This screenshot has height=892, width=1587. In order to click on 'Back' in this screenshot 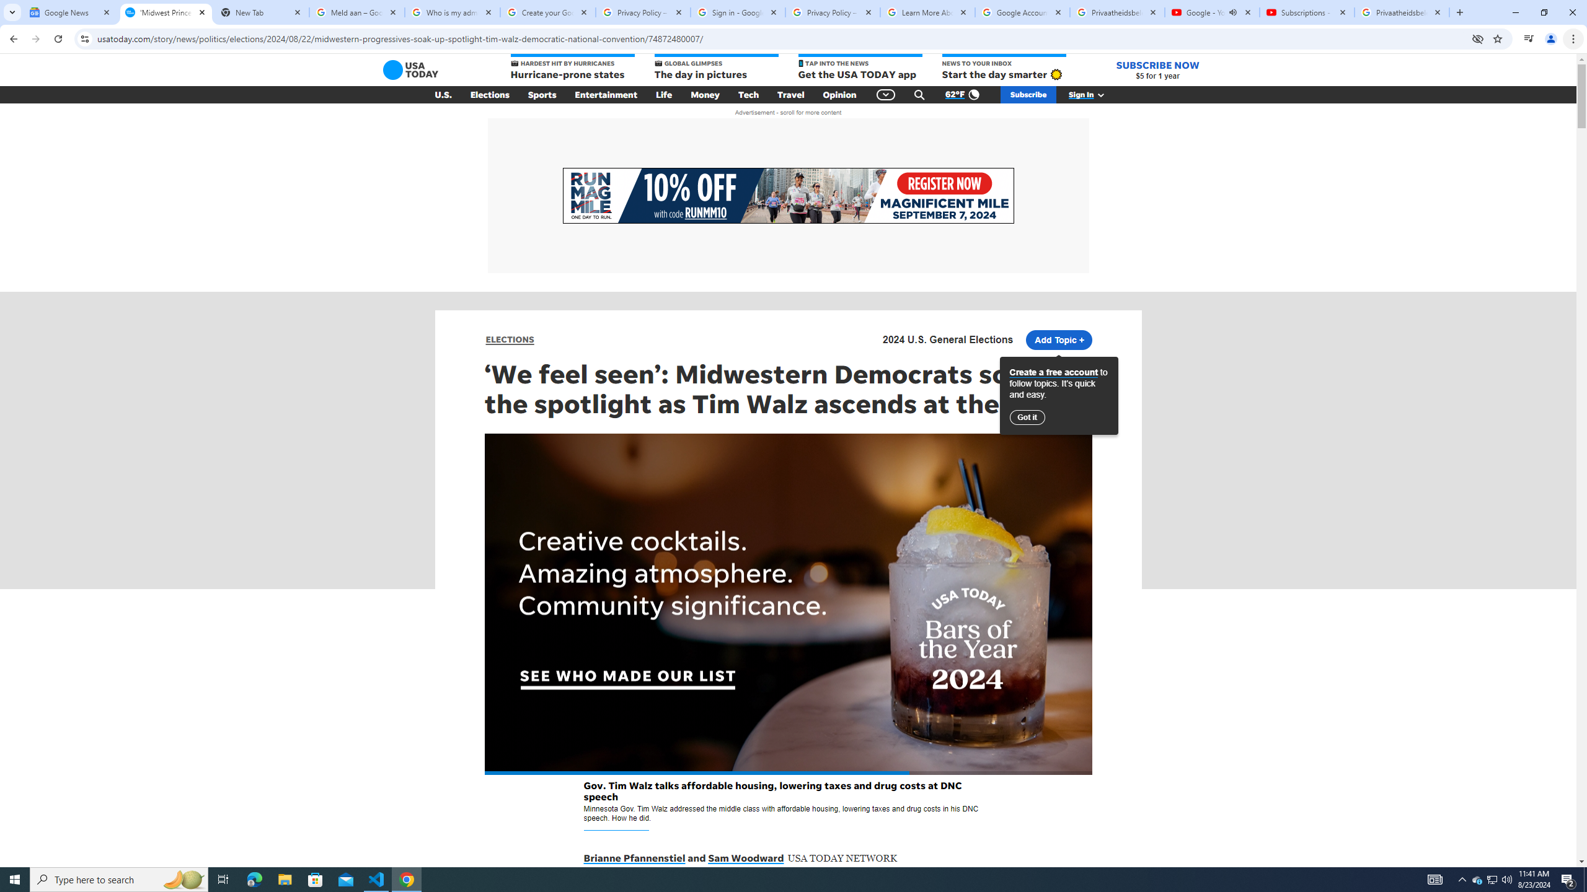, I will do `click(12, 38)`.